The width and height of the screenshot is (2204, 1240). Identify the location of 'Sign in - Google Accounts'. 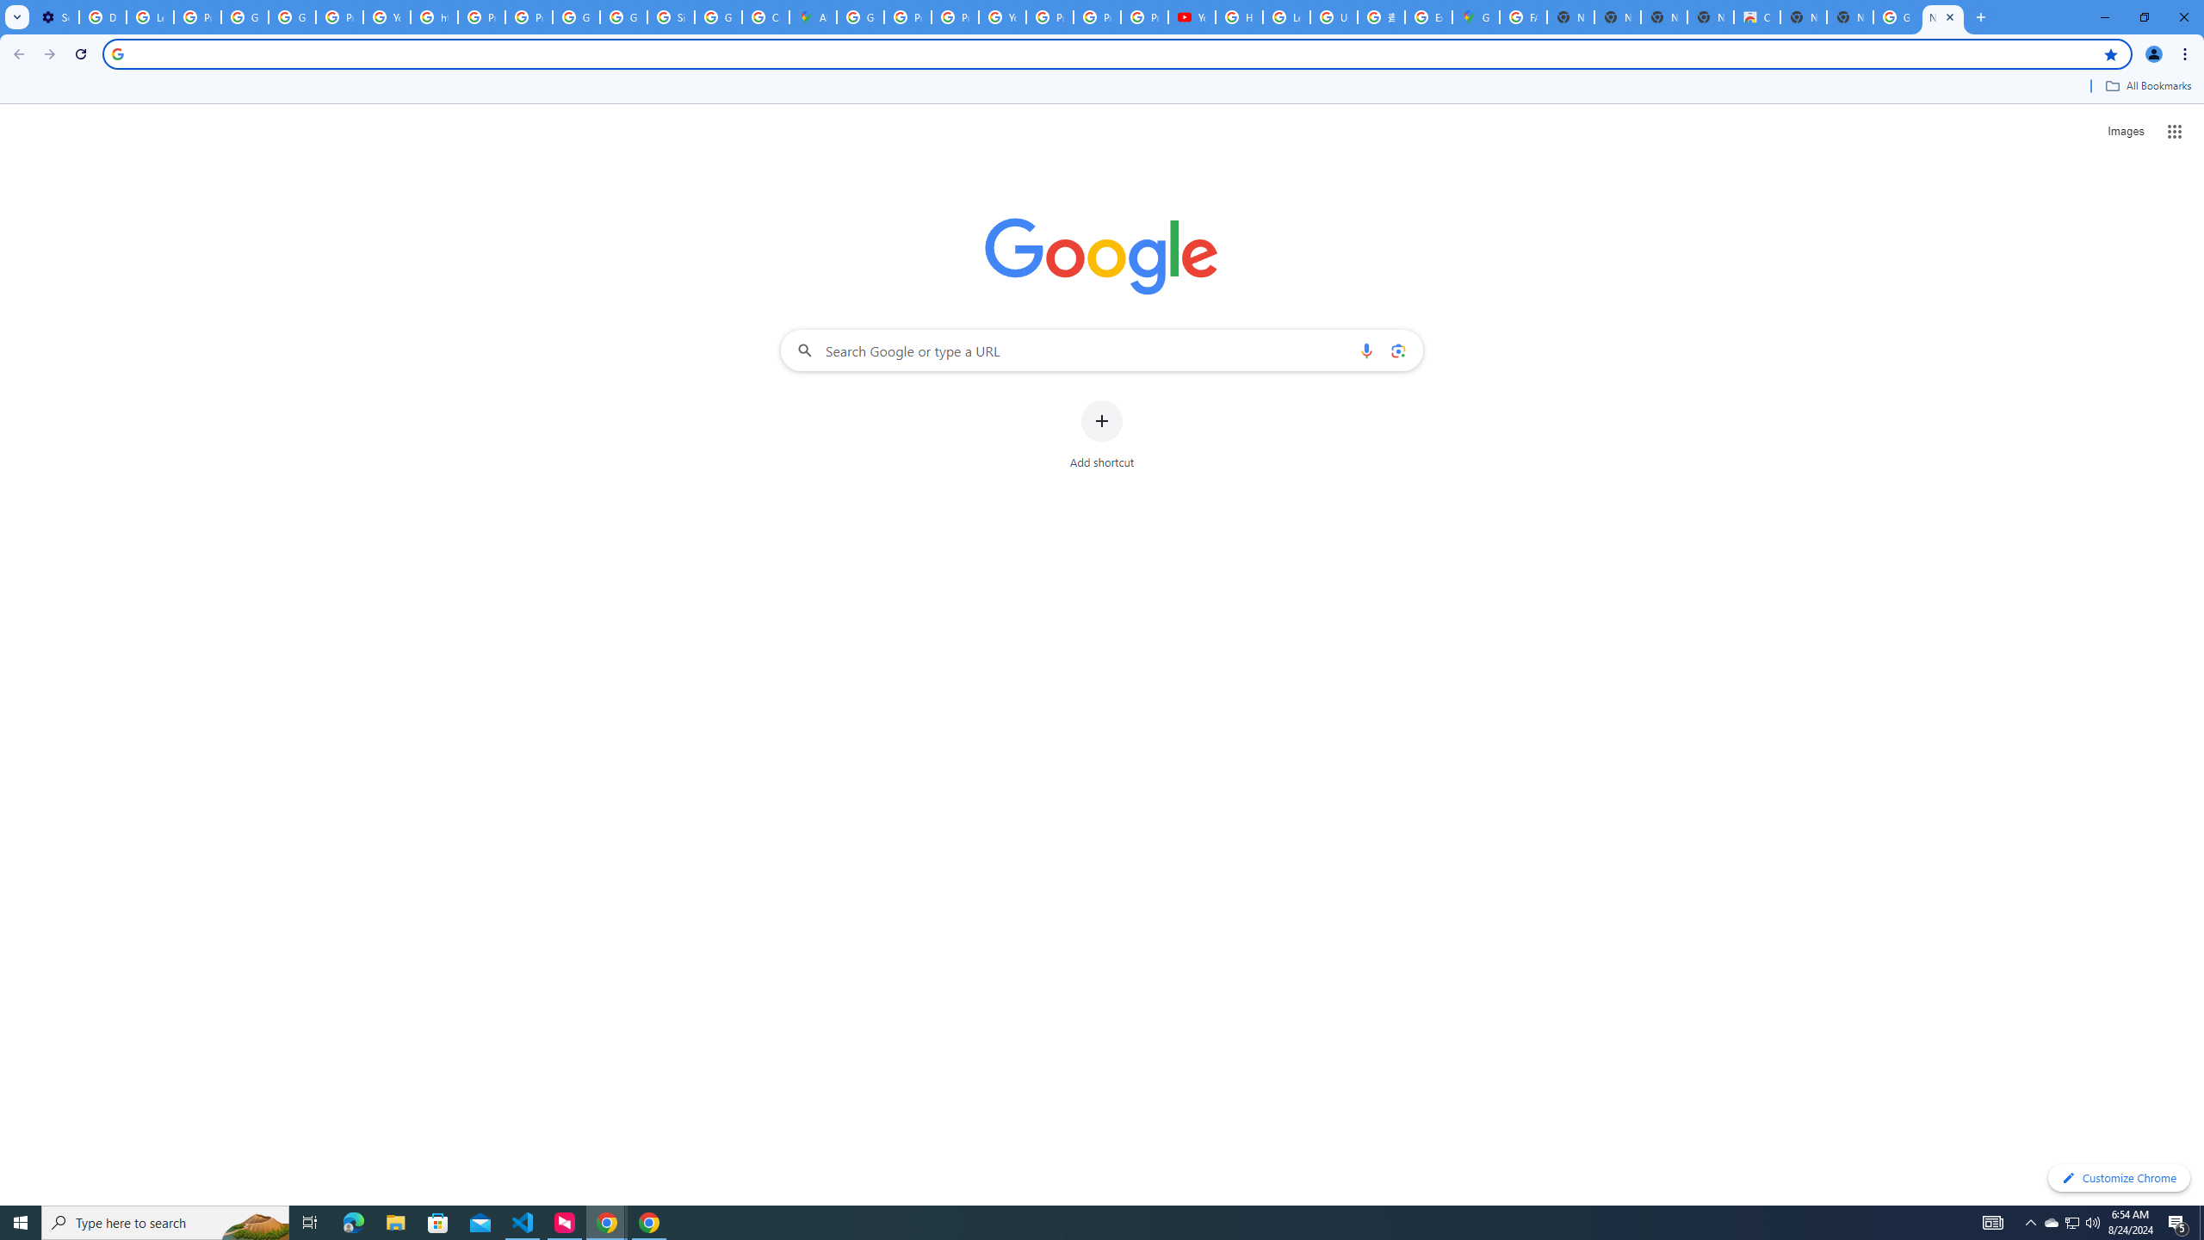
(670, 16).